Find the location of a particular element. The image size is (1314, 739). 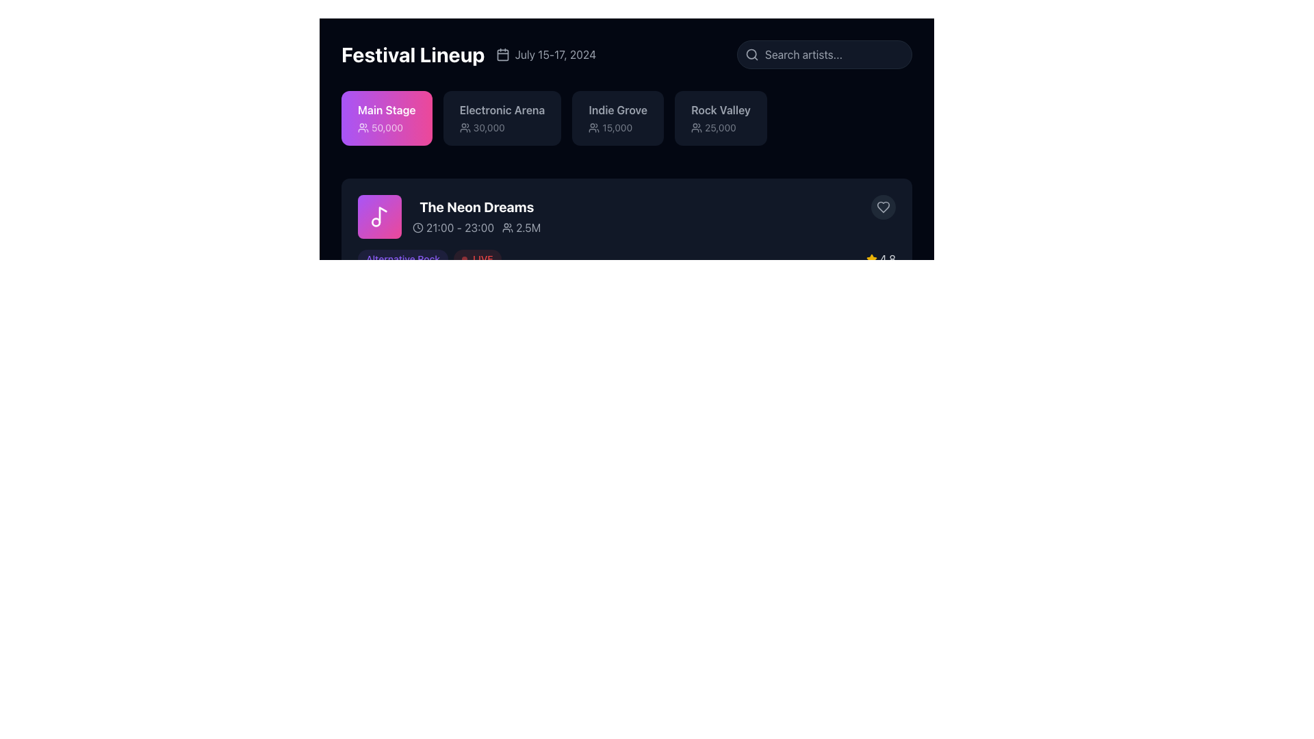

the compound UI element containing the labels 'Alternative Rock' and 'LIVE' is located at coordinates (428, 259).